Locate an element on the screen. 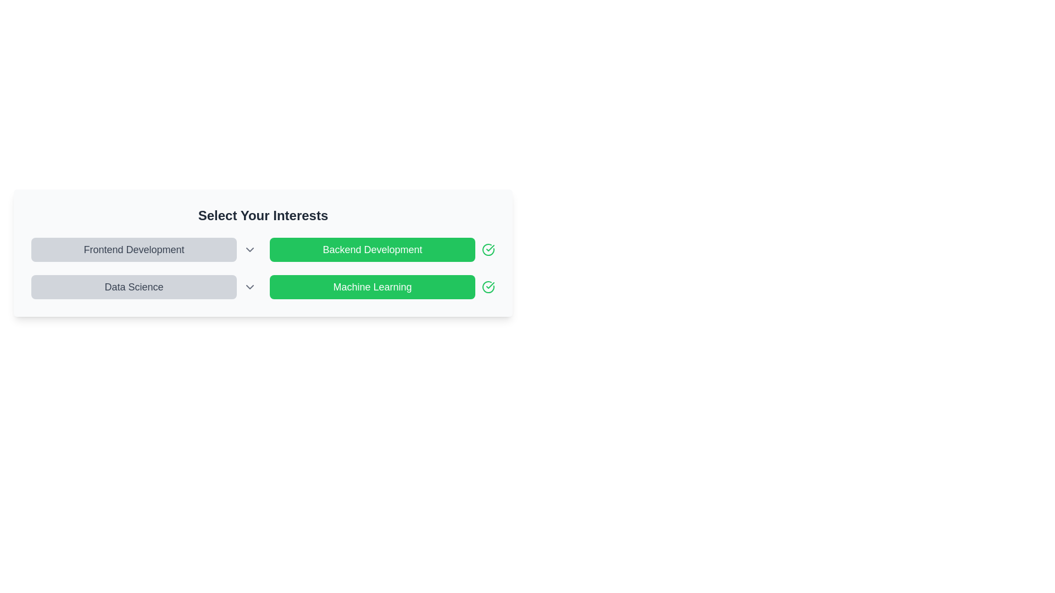 This screenshot has height=593, width=1055. the 'Data Science' button to toggle its activation state is located at coordinates (134, 287).